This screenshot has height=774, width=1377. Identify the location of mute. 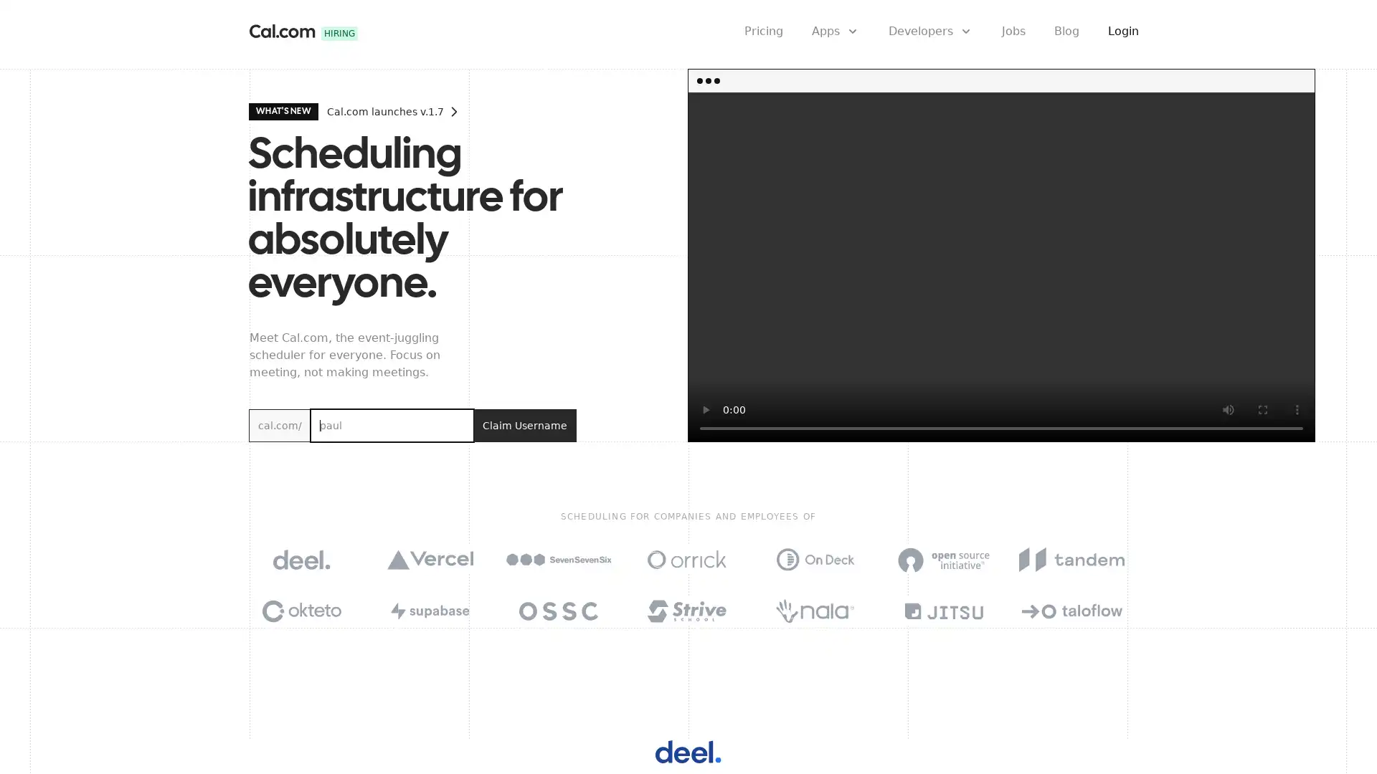
(1228, 409).